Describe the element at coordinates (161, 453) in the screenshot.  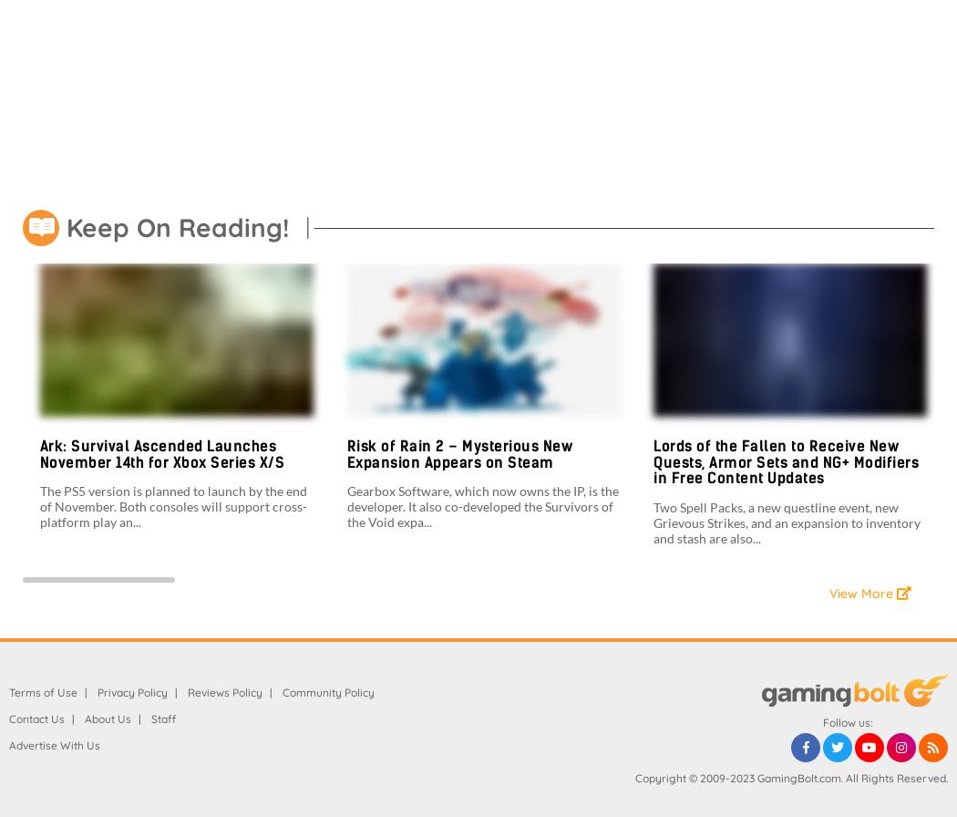
I see `'Ark: Survival Ascended Launches November 14th for Xbox Series X/S'` at that location.